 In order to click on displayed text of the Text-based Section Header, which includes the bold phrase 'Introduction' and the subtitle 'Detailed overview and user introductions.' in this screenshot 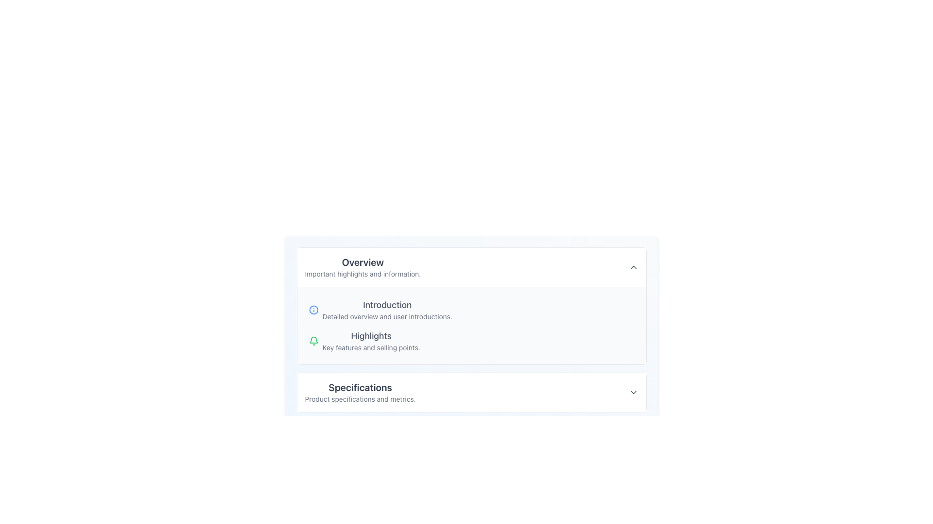, I will do `click(387, 310)`.